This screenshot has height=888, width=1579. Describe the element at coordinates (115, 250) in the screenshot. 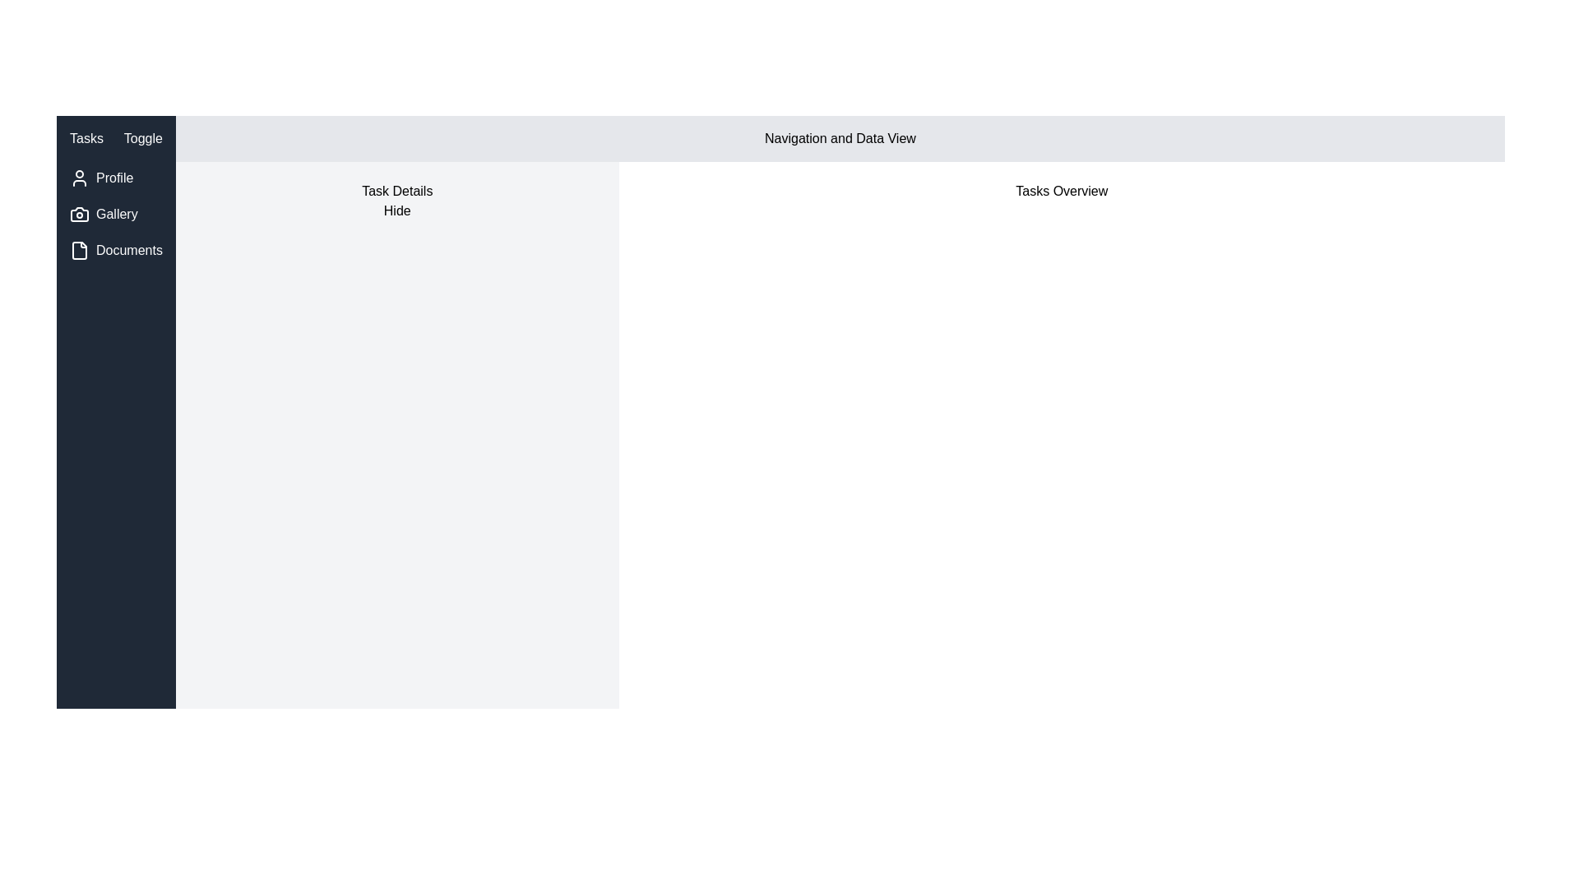

I see `the 'Documents' navigation menu item, which features an icon of a document and is the third item in the left panel navigation menu` at that location.